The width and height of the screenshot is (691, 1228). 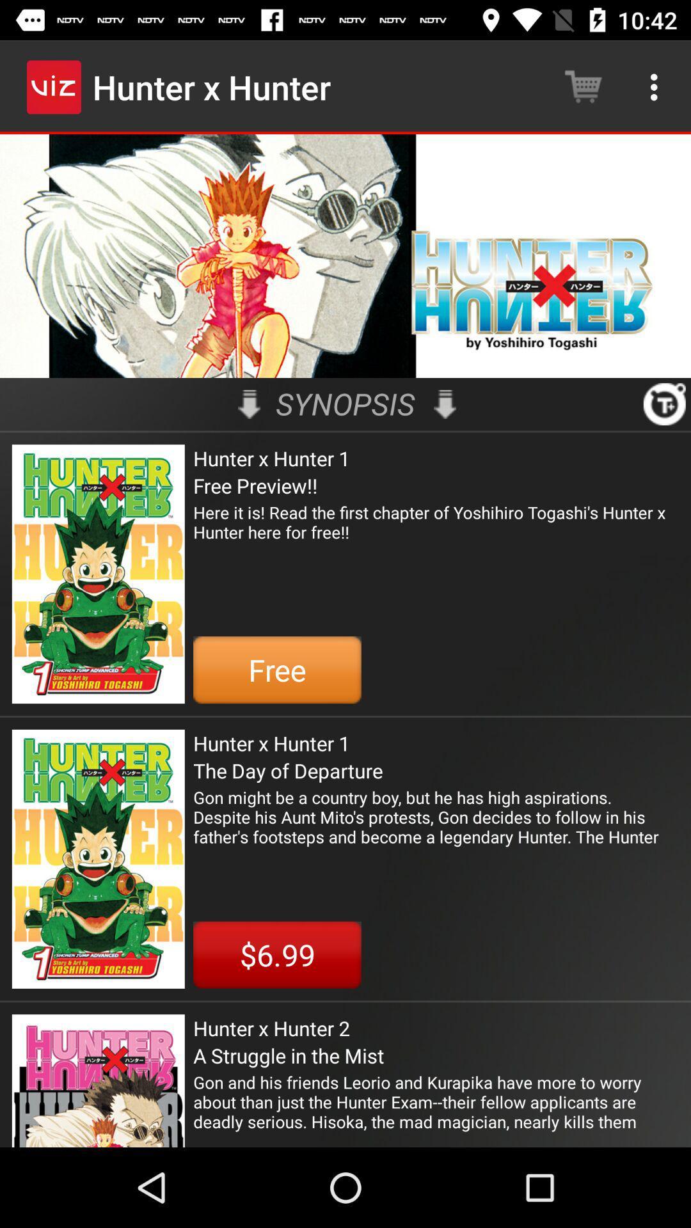 I want to click on the icon above hunter x hunter icon, so click(x=444, y=404).